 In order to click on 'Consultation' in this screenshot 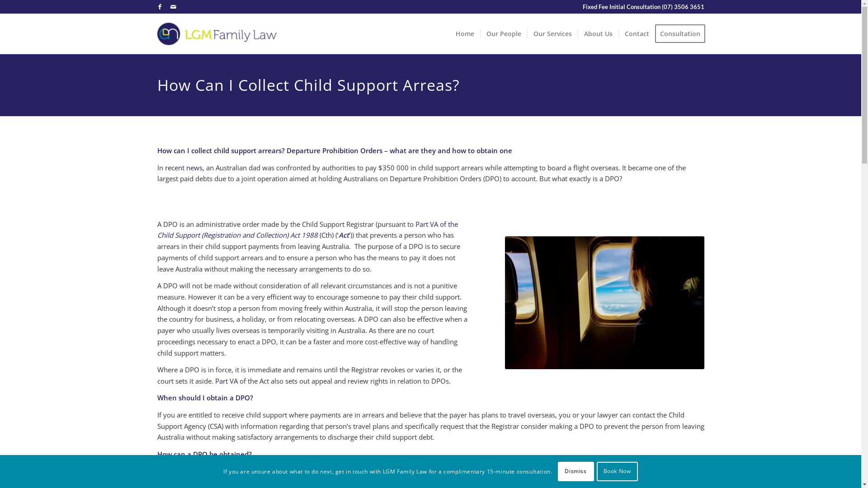, I will do `click(683, 33)`.